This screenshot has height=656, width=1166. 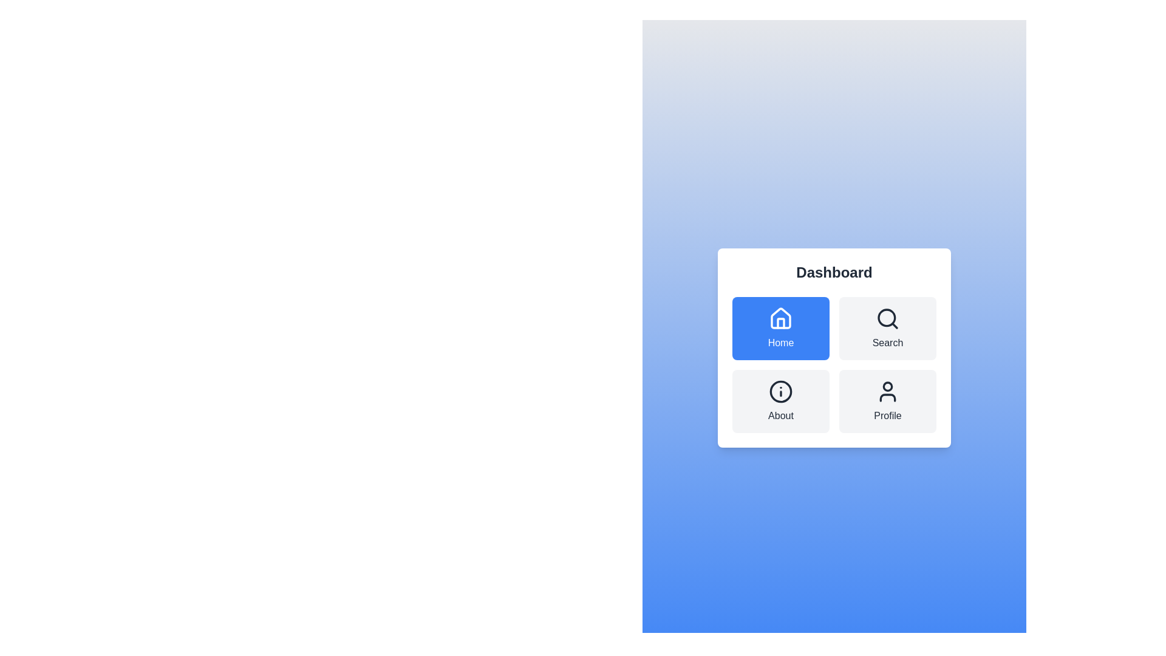 What do you see at coordinates (888, 391) in the screenshot?
I see `the 'Profile' icon located in the bottom-right corner of the grid layout, which visually represents the 'Profile' section of the interface` at bounding box center [888, 391].